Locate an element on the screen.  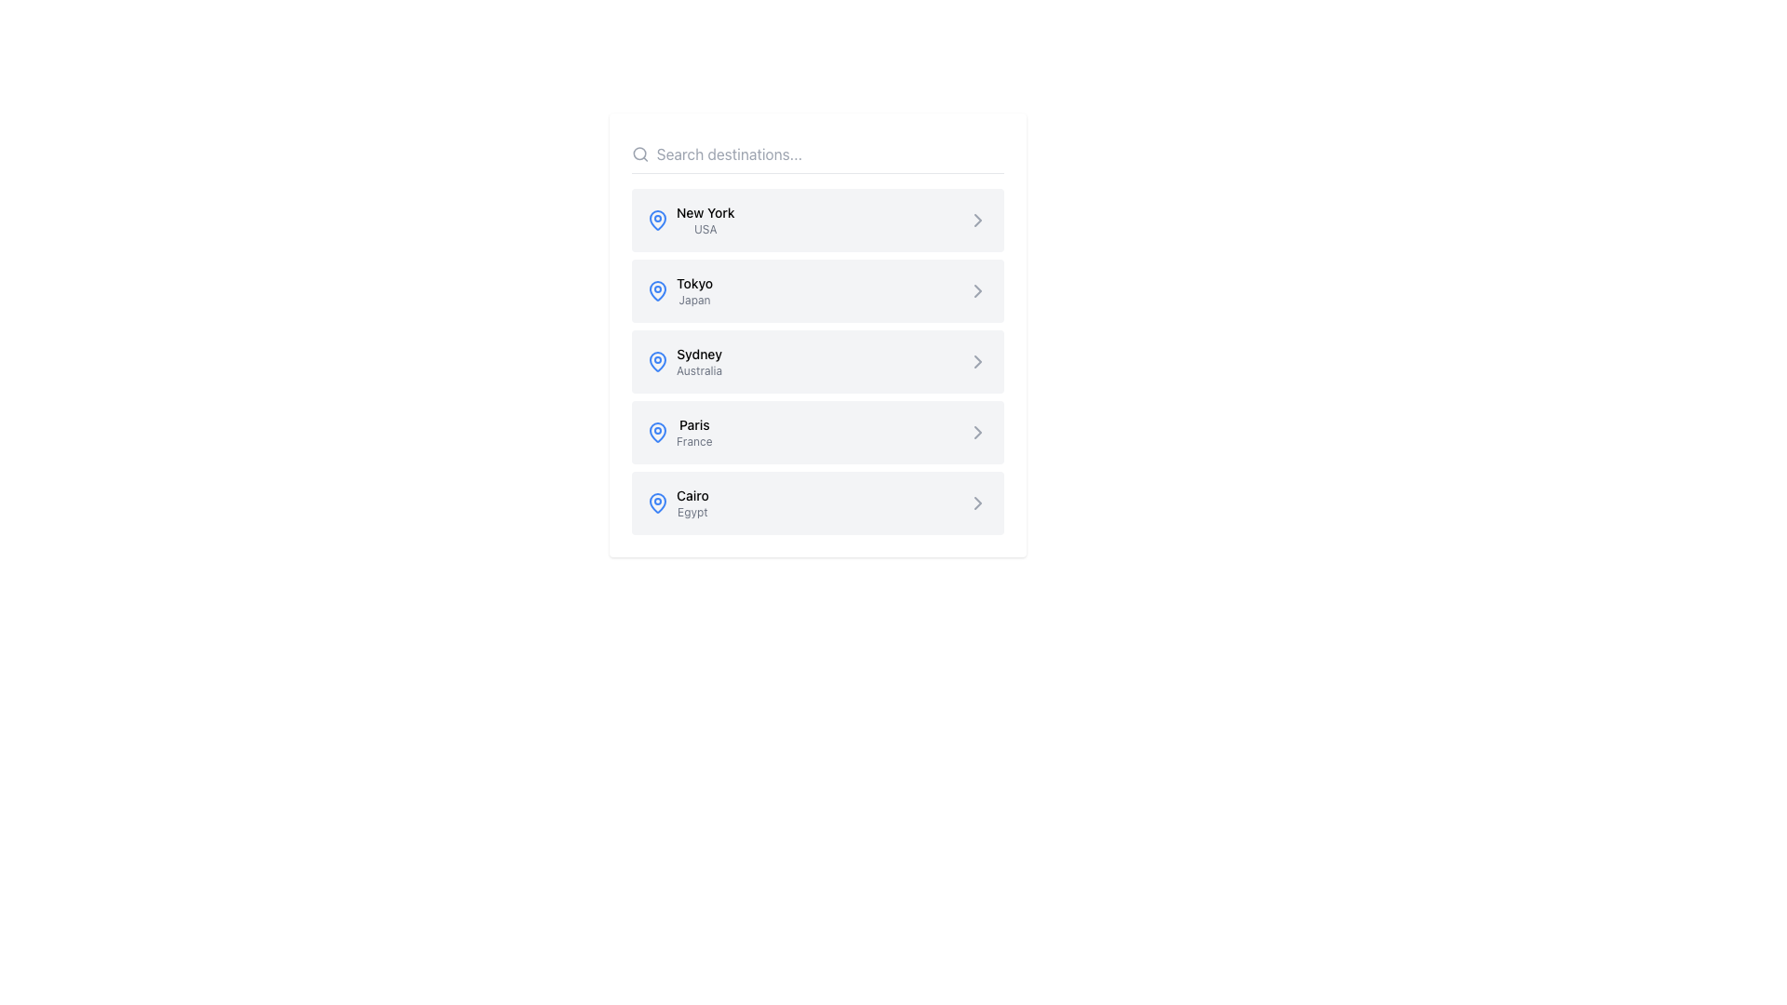
the text item for 'Paris, France' in the list of destinations is located at coordinates (679, 433).